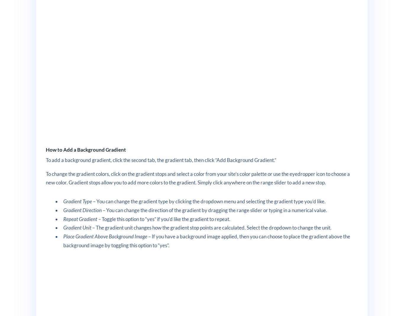  I want to click on 'Gradient Type', so click(77, 201).